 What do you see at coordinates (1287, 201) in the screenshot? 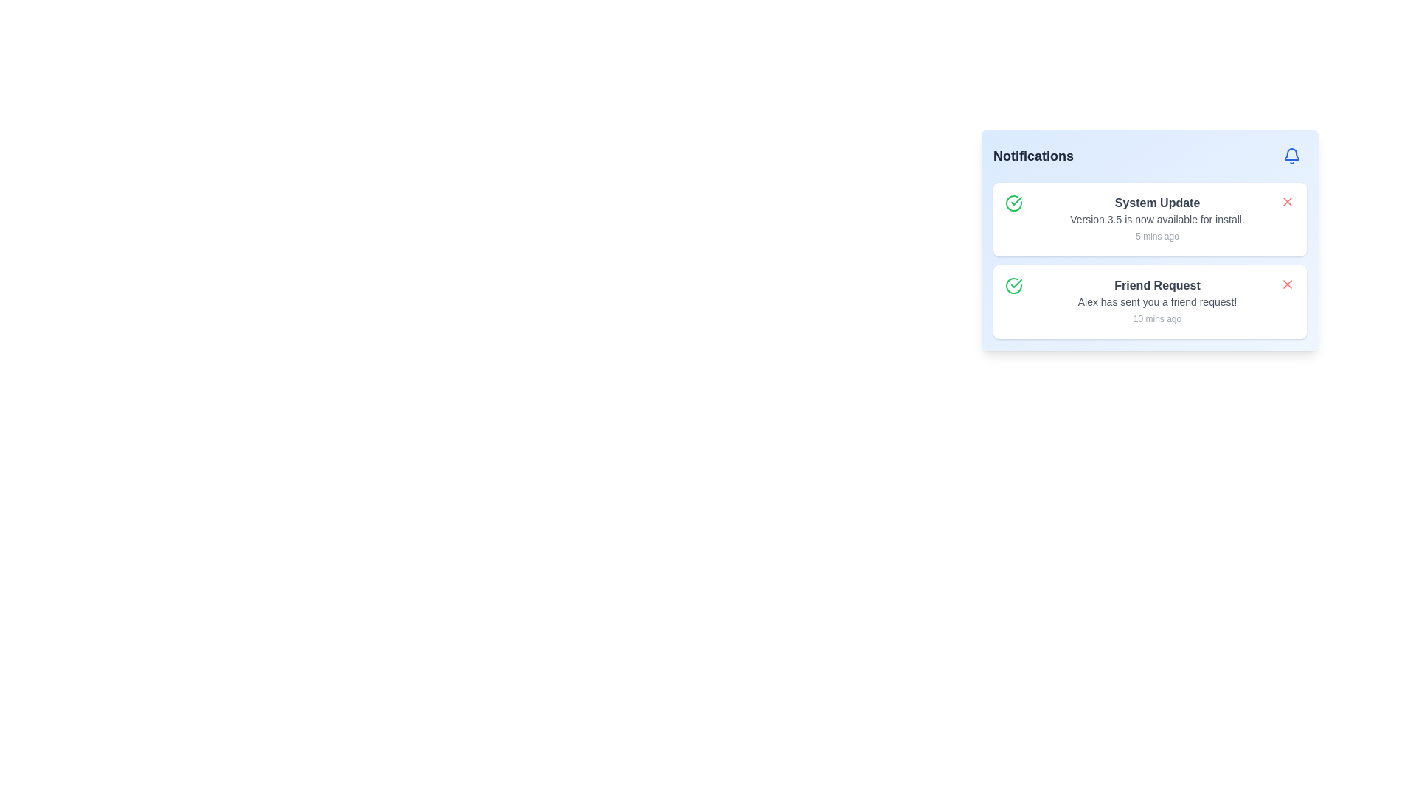
I see `the dismiss button located at the upper-right corner of the 'System Update' notification card` at bounding box center [1287, 201].